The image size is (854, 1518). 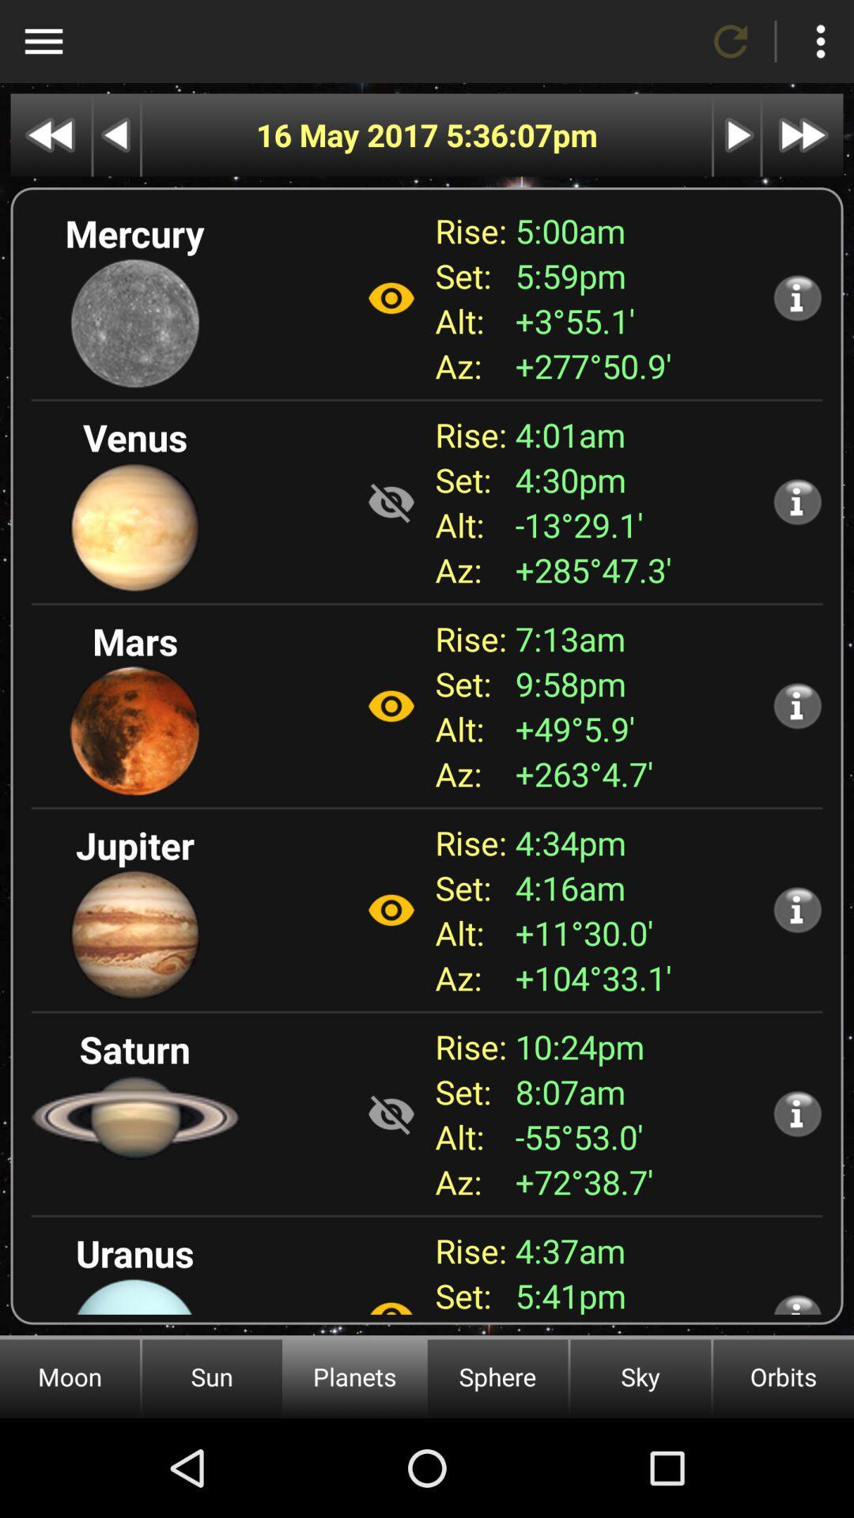 What do you see at coordinates (391, 1299) in the screenshot?
I see `an other other option` at bounding box center [391, 1299].